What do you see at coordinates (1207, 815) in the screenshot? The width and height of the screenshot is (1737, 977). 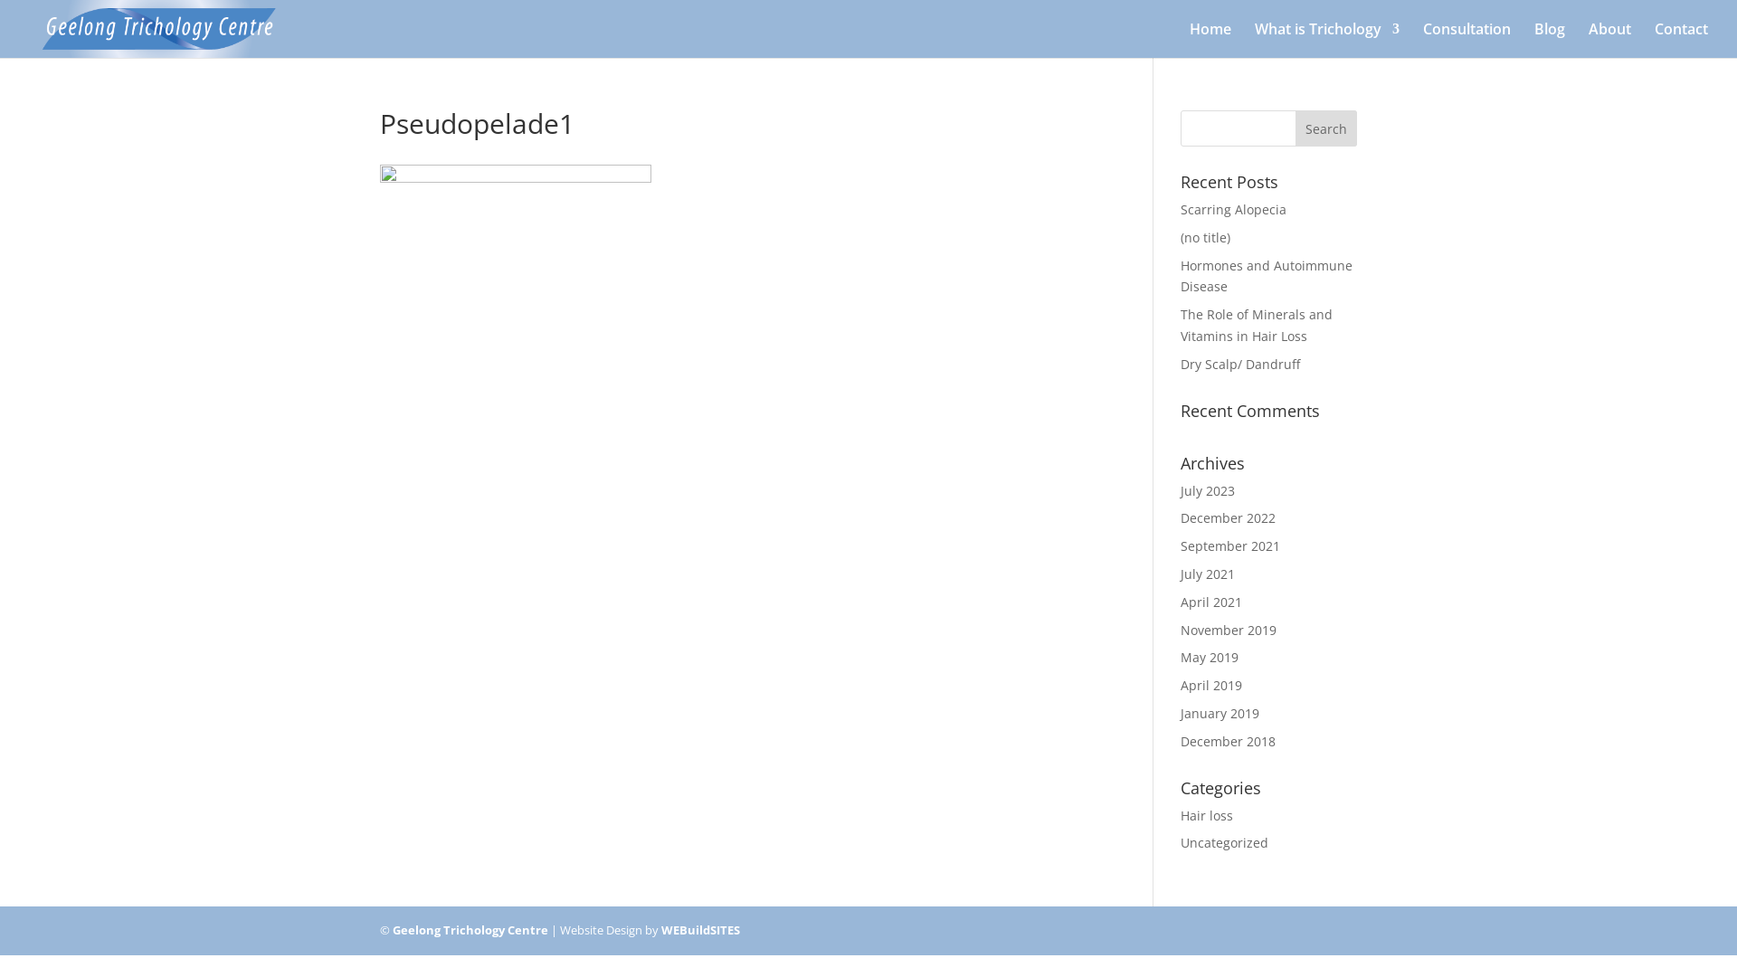 I see `'Hair loss'` at bounding box center [1207, 815].